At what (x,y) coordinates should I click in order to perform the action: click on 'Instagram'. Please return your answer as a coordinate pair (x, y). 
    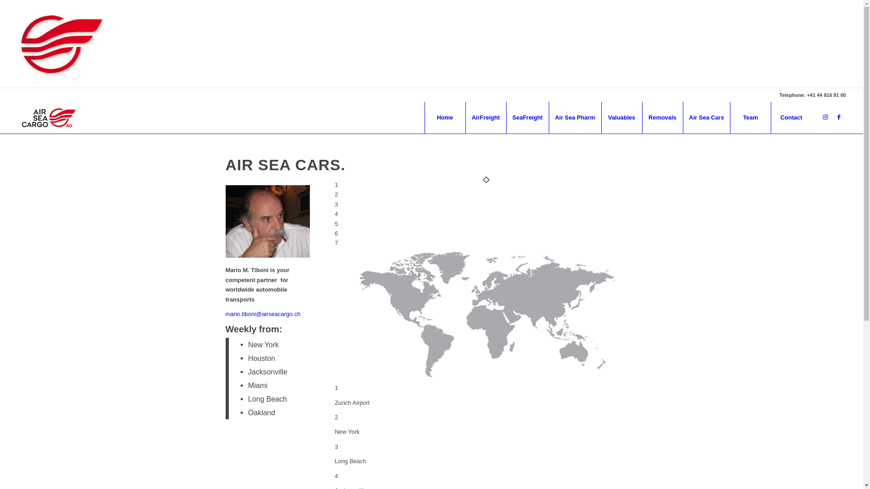
    Looking at the image, I should click on (826, 116).